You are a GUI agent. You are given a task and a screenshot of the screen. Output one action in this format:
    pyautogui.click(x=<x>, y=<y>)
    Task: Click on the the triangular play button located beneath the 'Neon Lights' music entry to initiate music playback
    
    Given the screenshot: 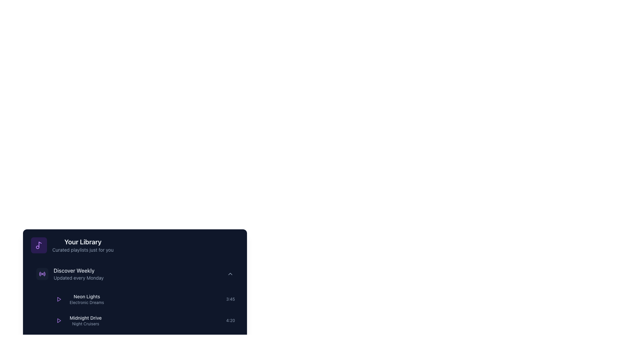 What is the action you would take?
    pyautogui.click(x=59, y=299)
    